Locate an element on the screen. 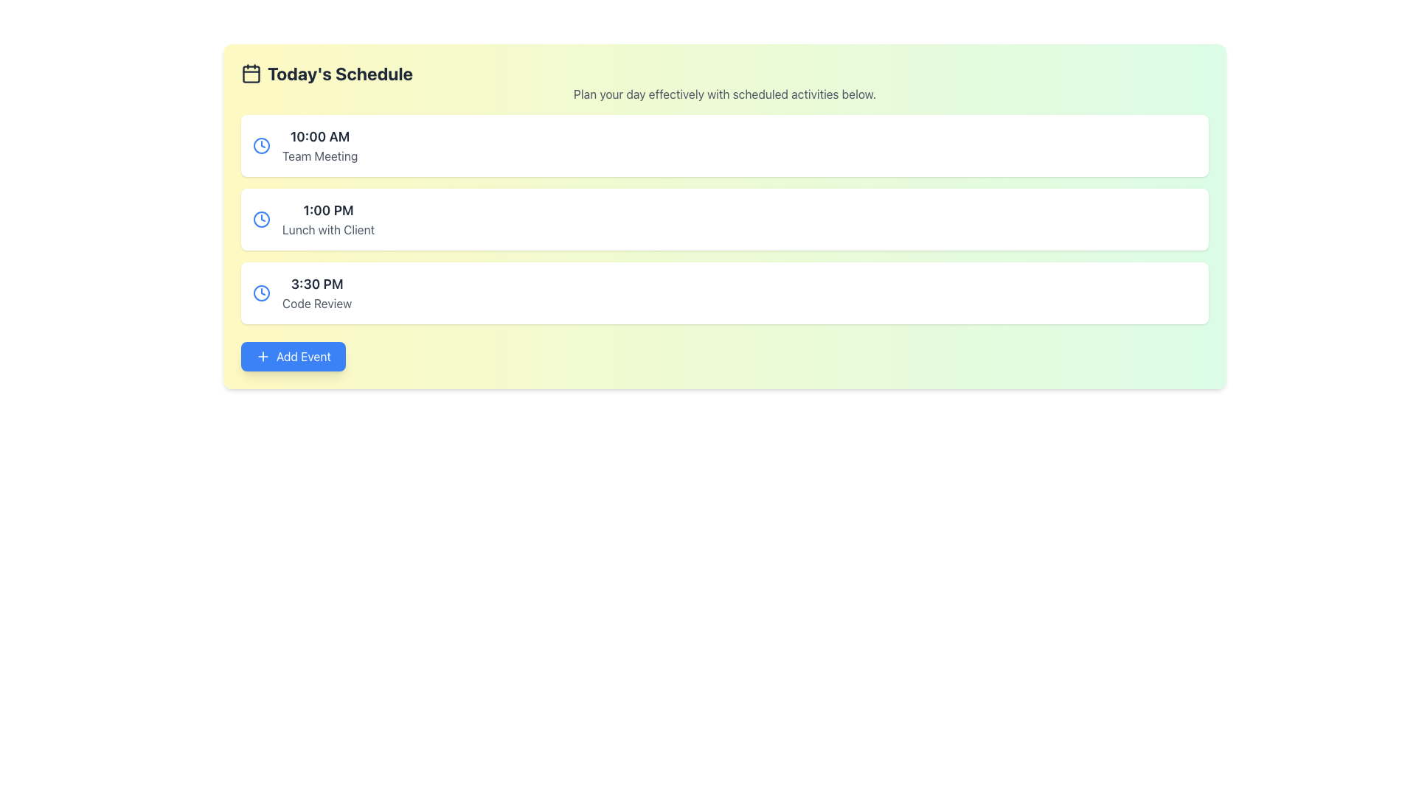  the informational display element showing '1:00 PM' and 'Lunch with Client' is located at coordinates (327, 219).